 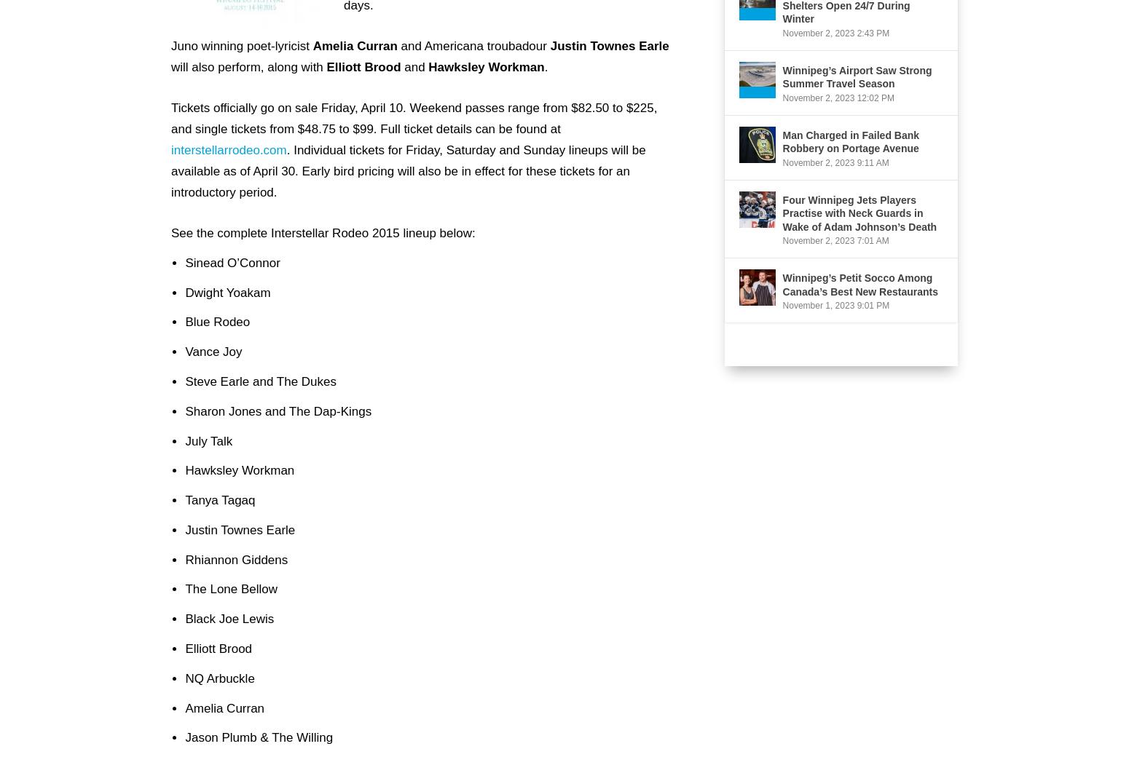 What do you see at coordinates (473, 44) in the screenshot?
I see `'and Americana troubadour'` at bounding box center [473, 44].